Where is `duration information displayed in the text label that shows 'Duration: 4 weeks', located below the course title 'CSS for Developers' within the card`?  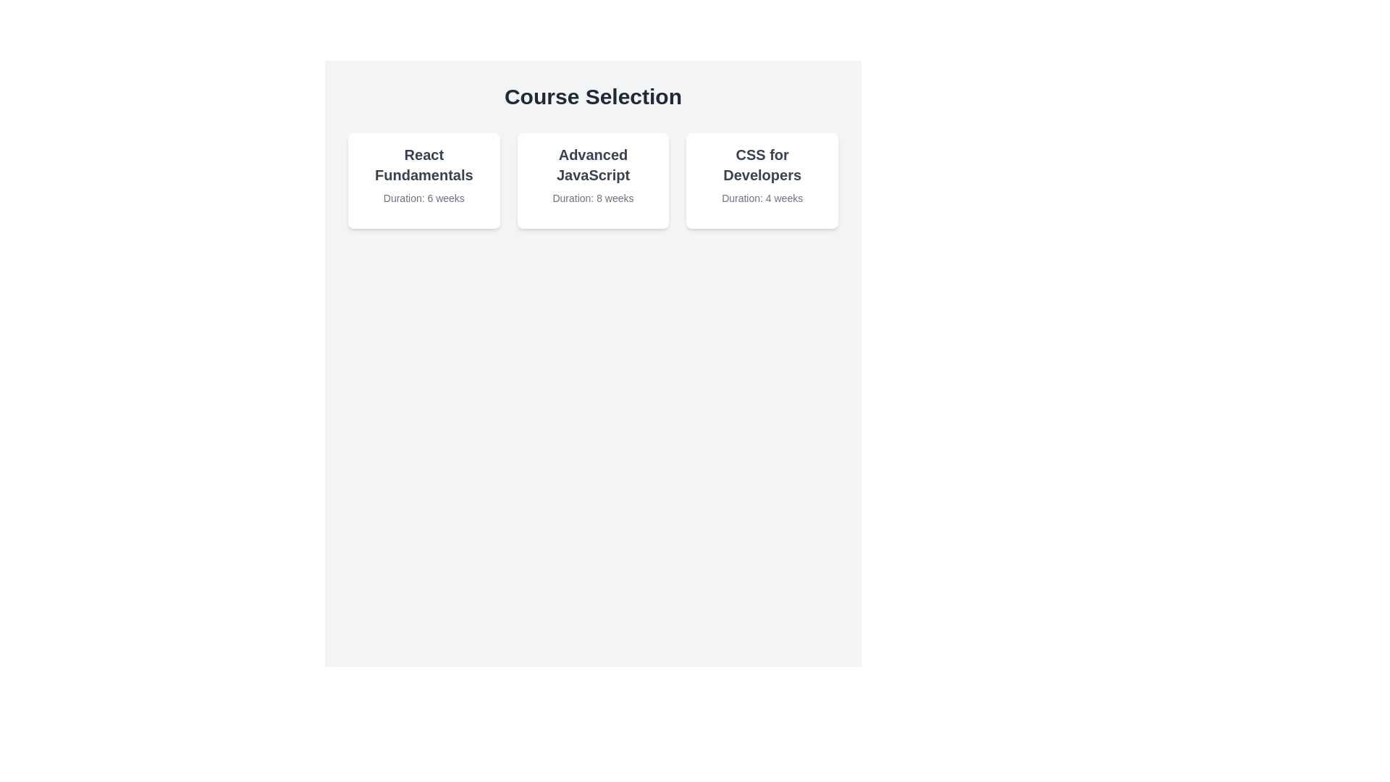
duration information displayed in the text label that shows 'Duration: 4 weeks', located below the course title 'CSS for Developers' within the card is located at coordinates (762, 198).